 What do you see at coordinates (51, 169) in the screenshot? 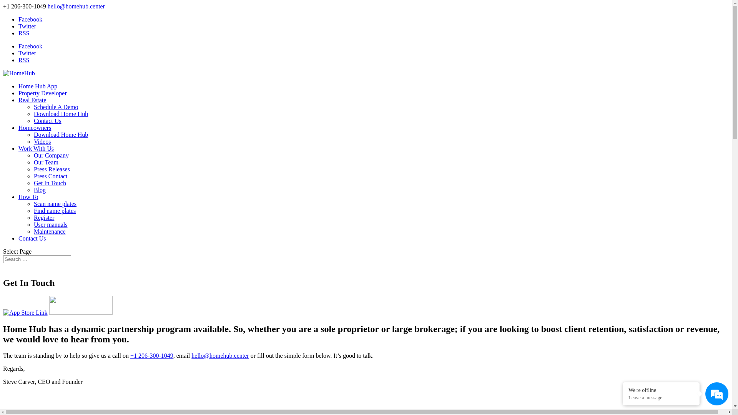
I see `'Press Releases'` at bounding box center [51, 169].